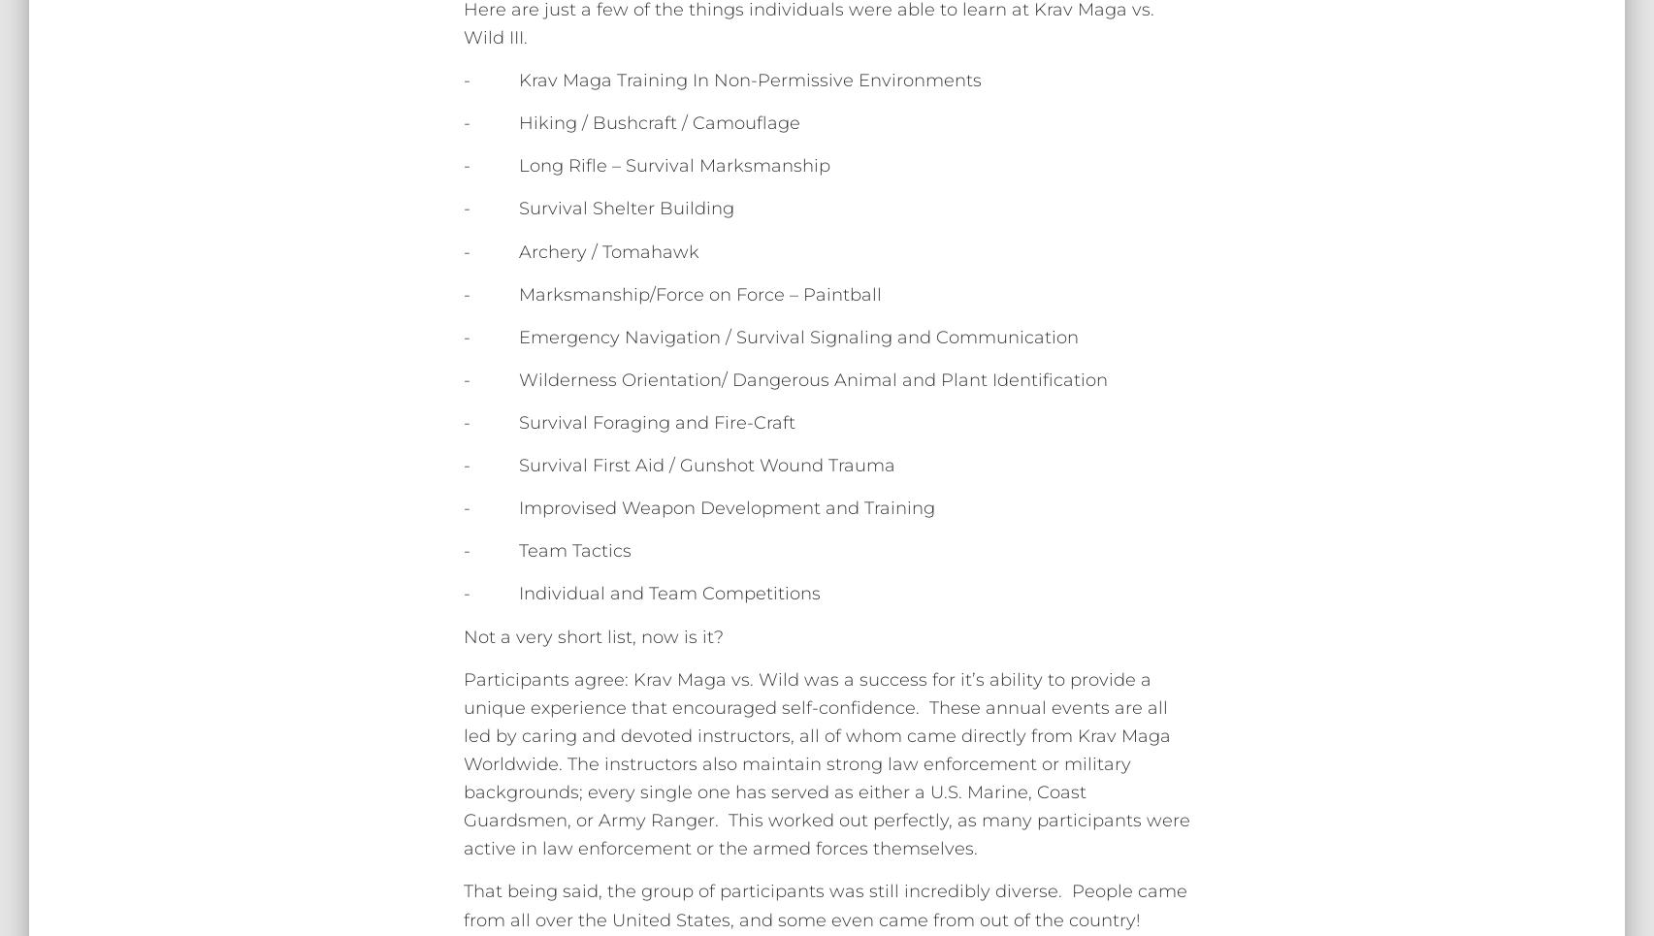 The width and height of the screenshot is (1654, 936). Describe the element at coordinates (826, 763) in the screenshot. I see `'Participants agree: Krav Maga vs. Wild was a success for it’s ability to provide a unique experience that encouraged self-confidence.  These annual events are all led by caring and devoted instructors, all of whom came directly from Krav Maga Worldwide. The instructors also maintain strong law enforcement or military backgrounds; every single one has served as either a U.S. Marine, Coast Guardsmen, or Army Ranger.  This worked out perfectly, as many participants were active in law enforcement or the armed forces themselves.'` at that location.